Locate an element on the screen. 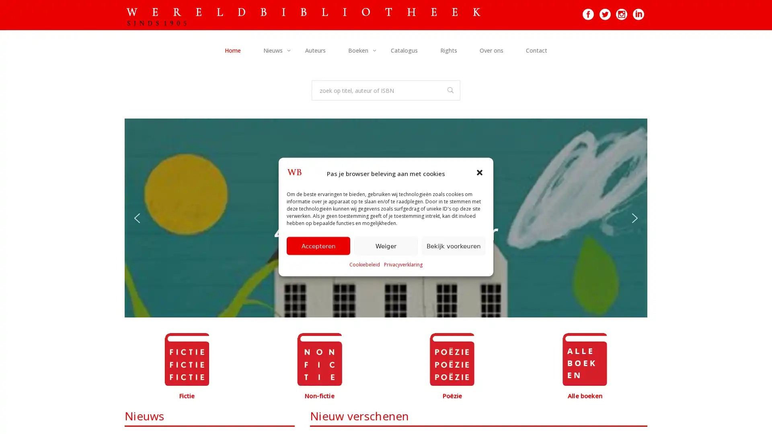 This screenshot has height=434, width=772. Accepteren is located at coordinates (318, 245).